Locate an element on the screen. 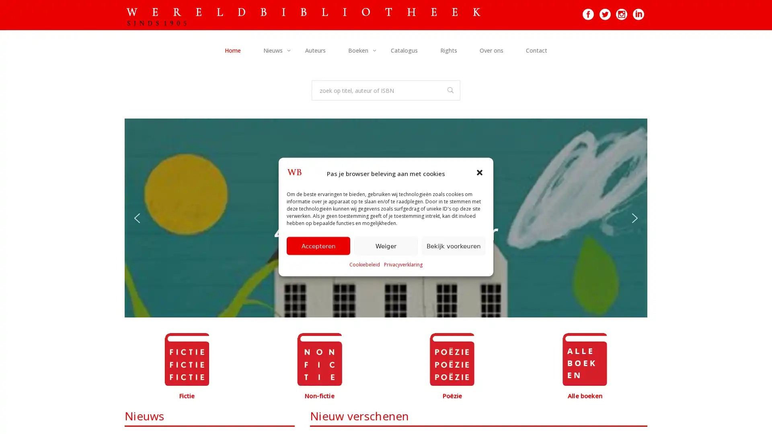 This screenshot has height=434, width=772. Accepteren is located at coordinates (318, 245).